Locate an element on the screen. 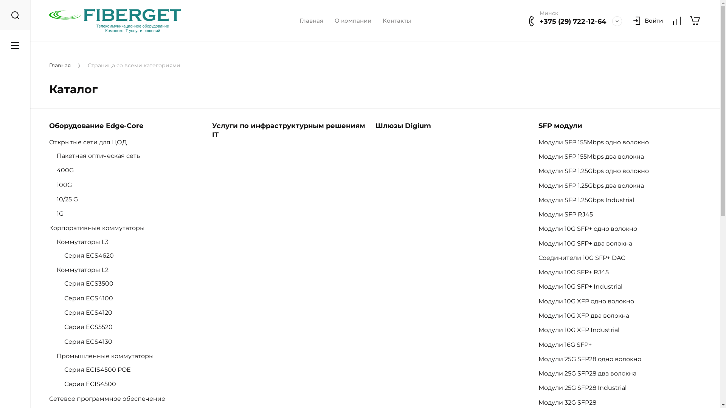  '400G' is located at coordinates (56, 170).